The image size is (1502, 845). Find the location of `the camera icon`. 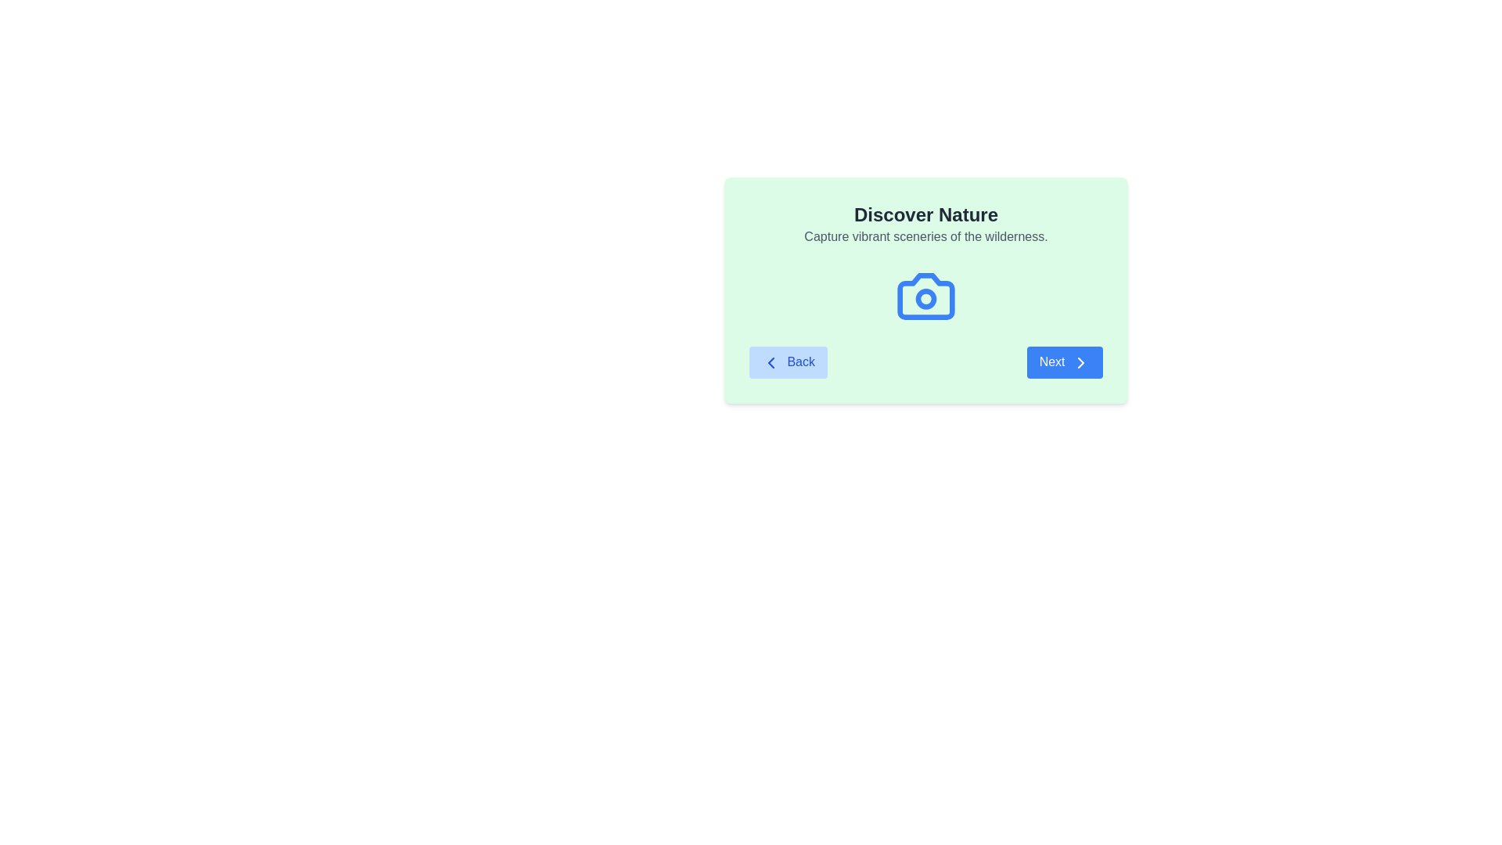

the camera icon is located at coordinates (926, 296).